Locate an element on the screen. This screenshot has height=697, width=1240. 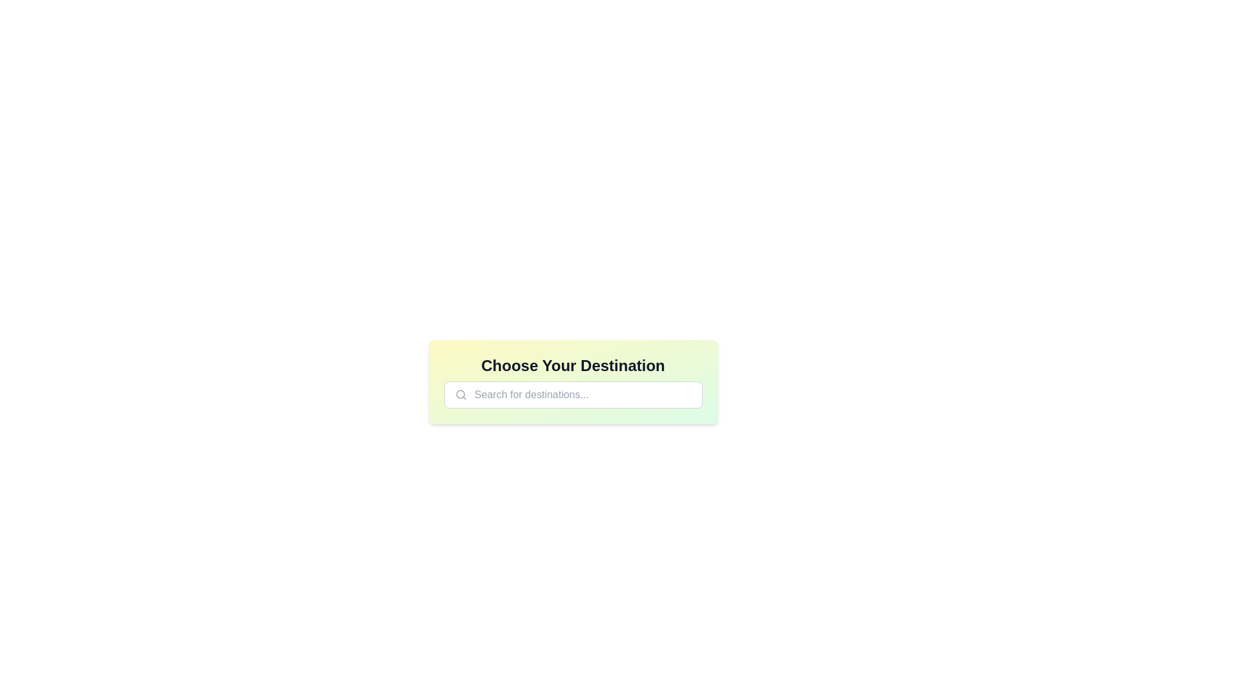
the compact gray outline magnifying glass icon located to the left of the text input field is located at coordinates (460, 394).